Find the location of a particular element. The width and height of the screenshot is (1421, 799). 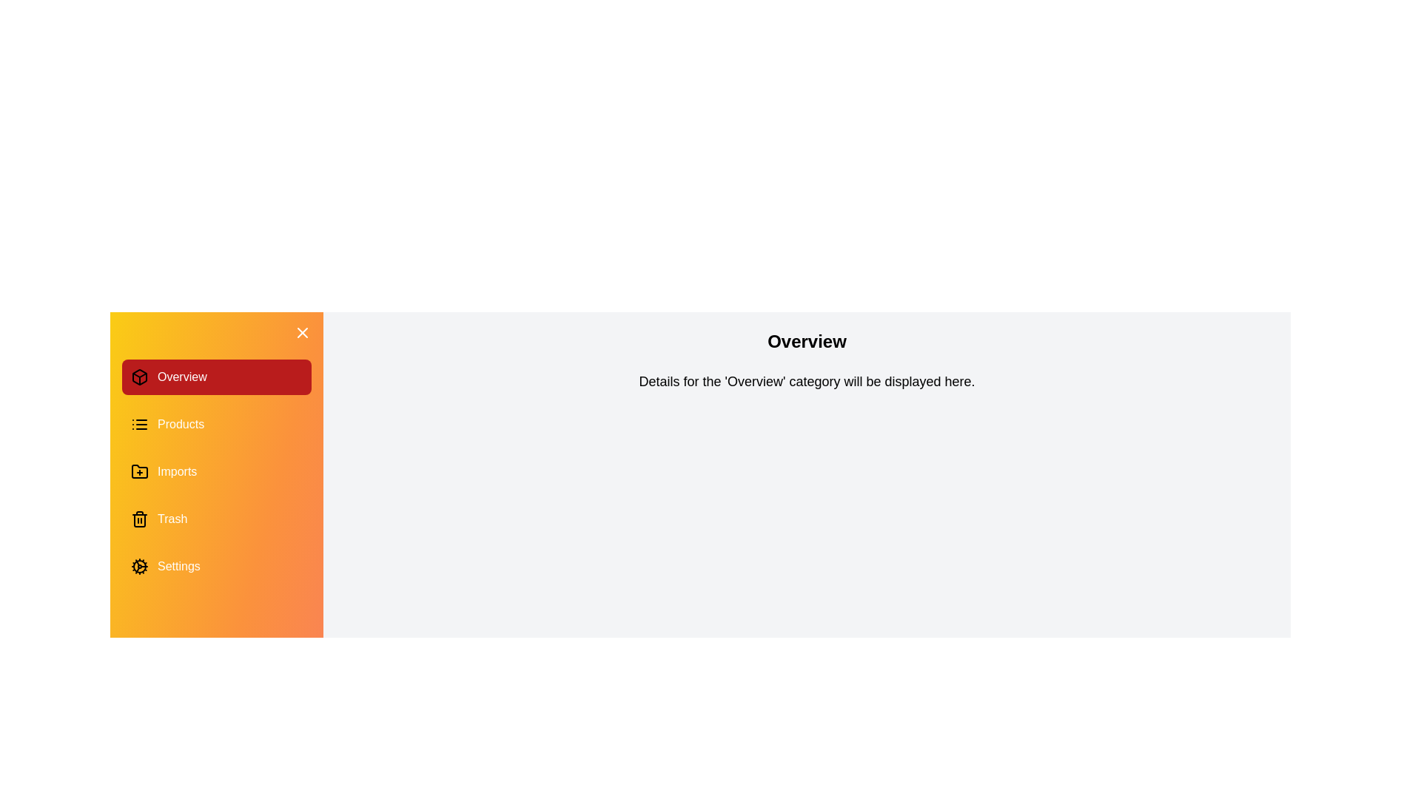

the category Settings in the drawer to switch the content displayed is located at coordinates (215, 566).